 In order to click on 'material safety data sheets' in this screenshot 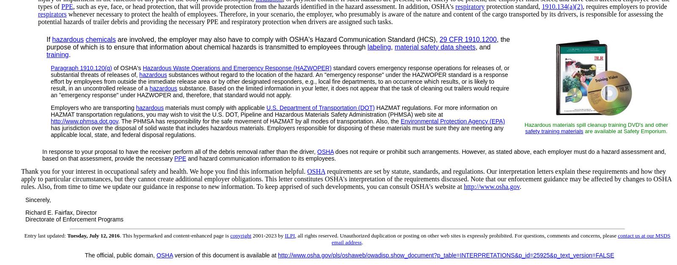, I will do `click(435, 47)`.